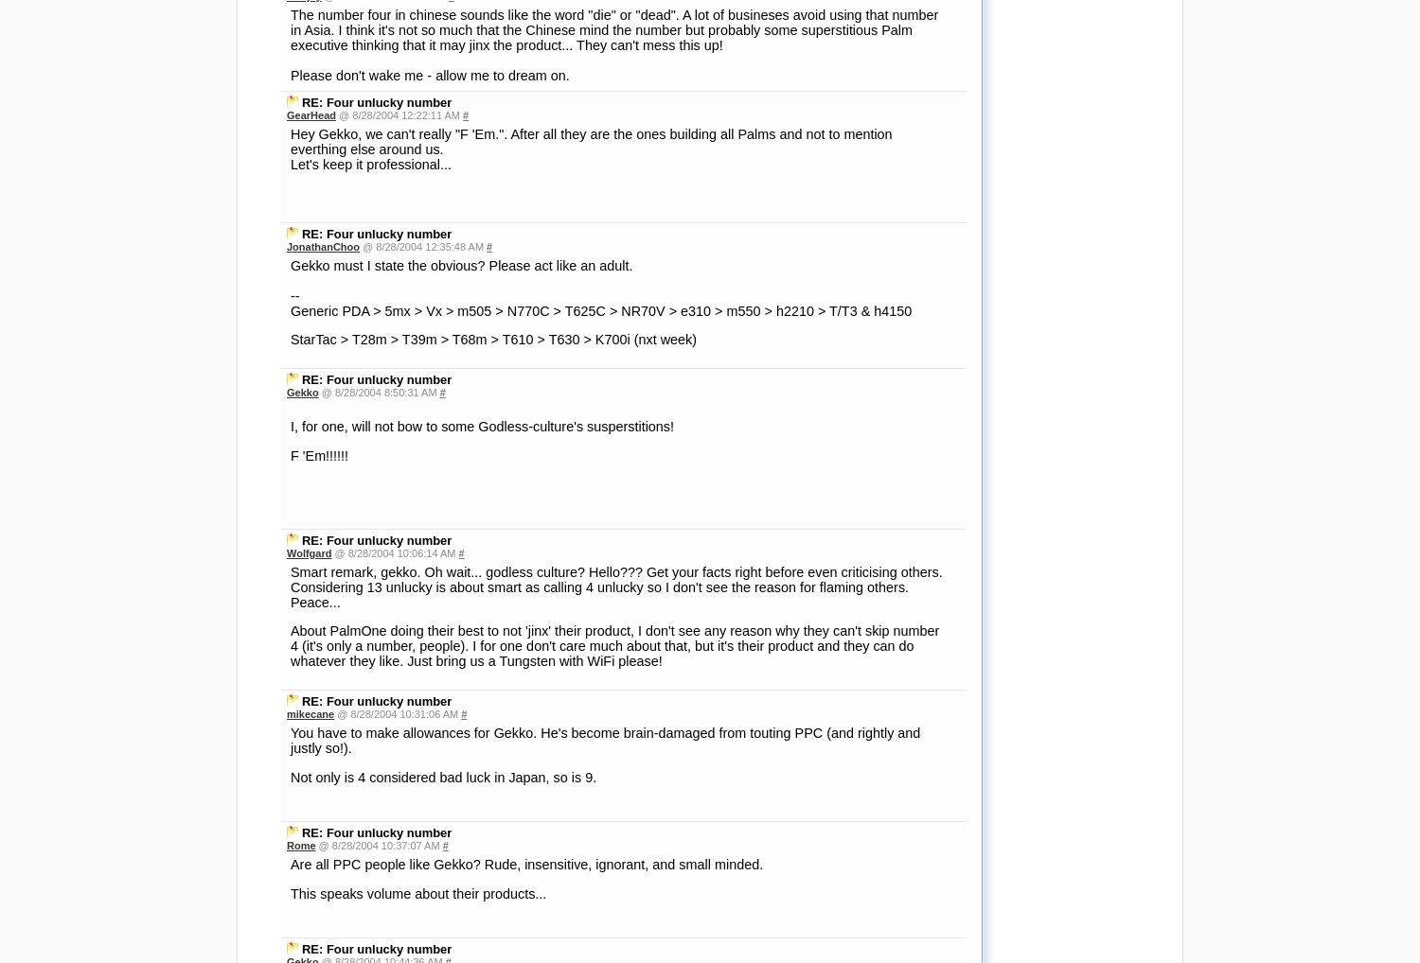 The height and width of the screenshot is (963, 1420). What do you see at coordinates (301, 392) in the screenshot?
I see `'Gekko'` at bounding box center [301, 392].